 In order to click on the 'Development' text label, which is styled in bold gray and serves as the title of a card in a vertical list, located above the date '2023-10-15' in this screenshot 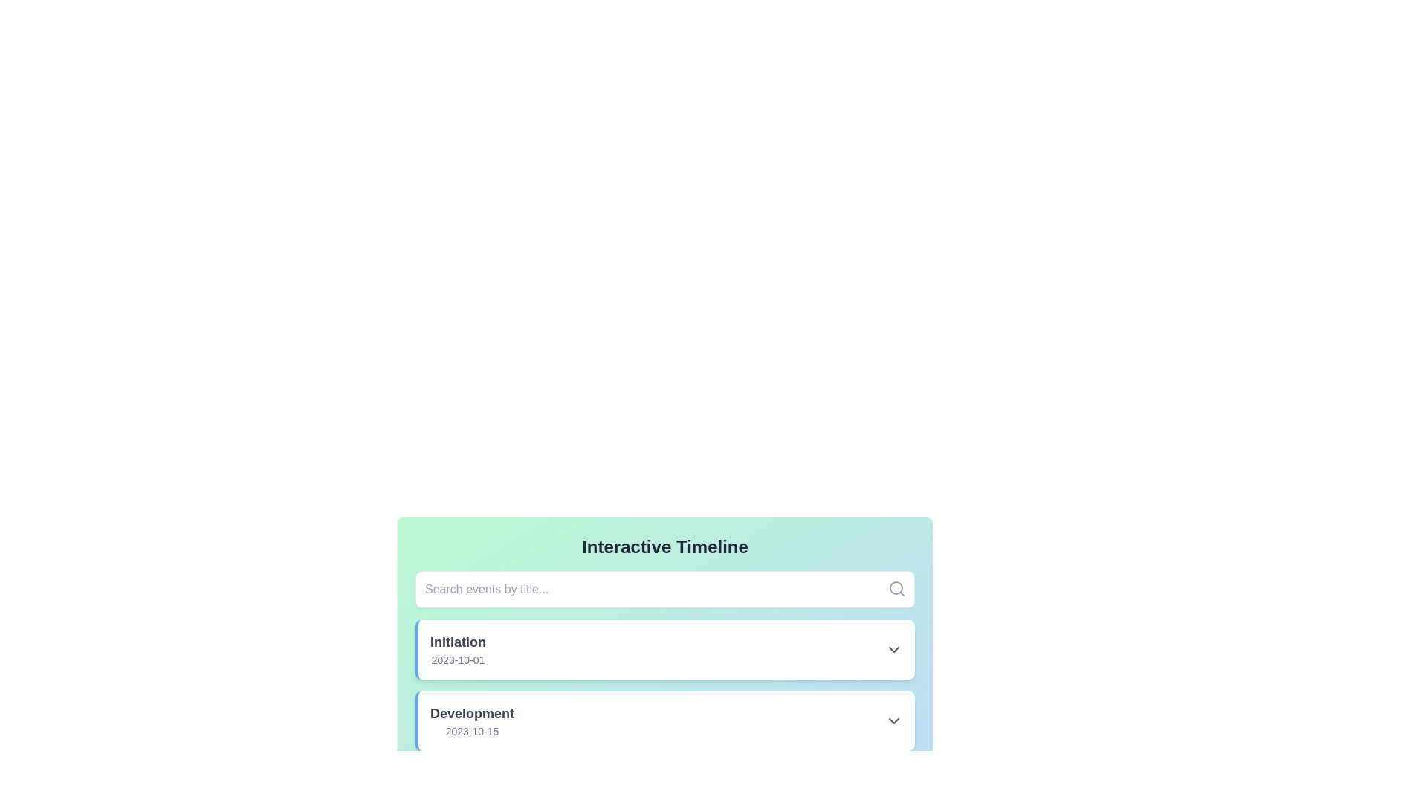, I will do `click(471, 713)`.